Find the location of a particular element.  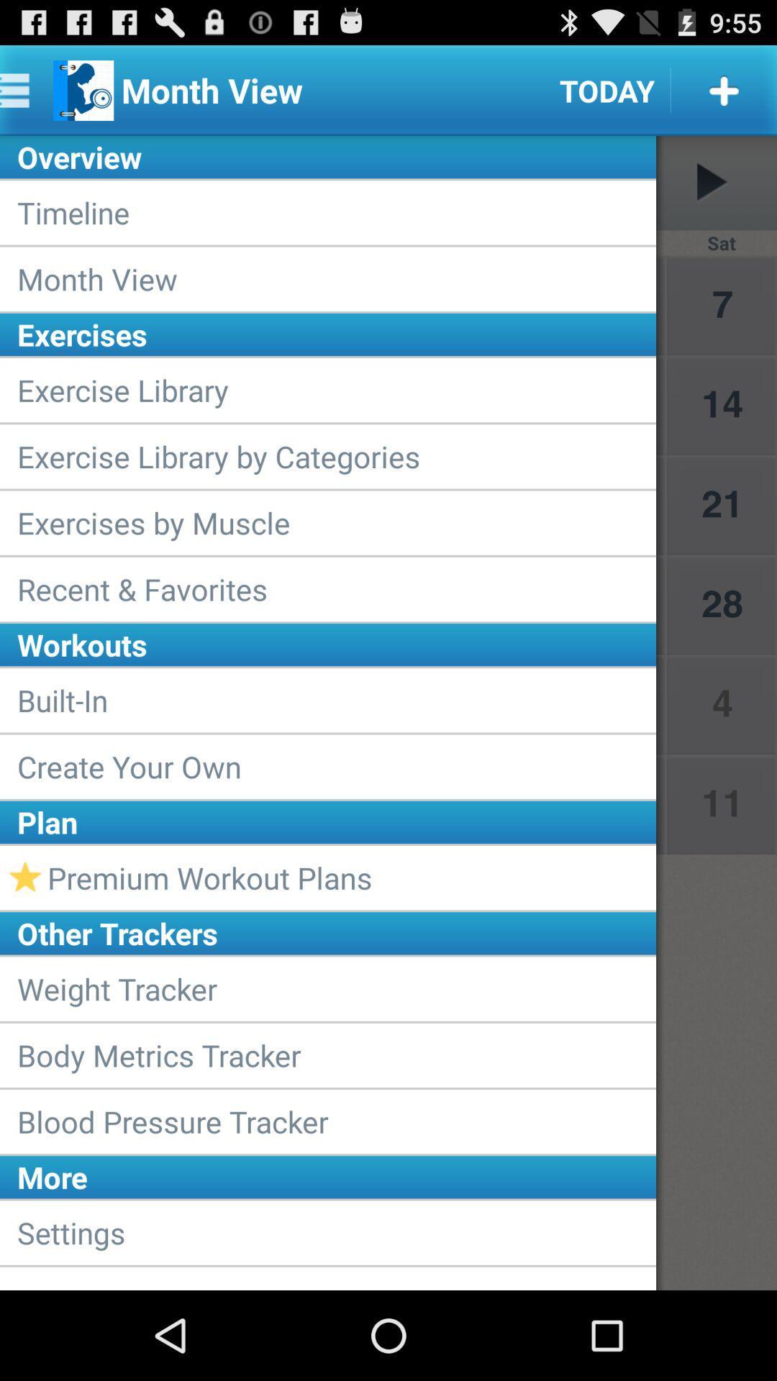

the play icon is located at coordinates (711, 195).